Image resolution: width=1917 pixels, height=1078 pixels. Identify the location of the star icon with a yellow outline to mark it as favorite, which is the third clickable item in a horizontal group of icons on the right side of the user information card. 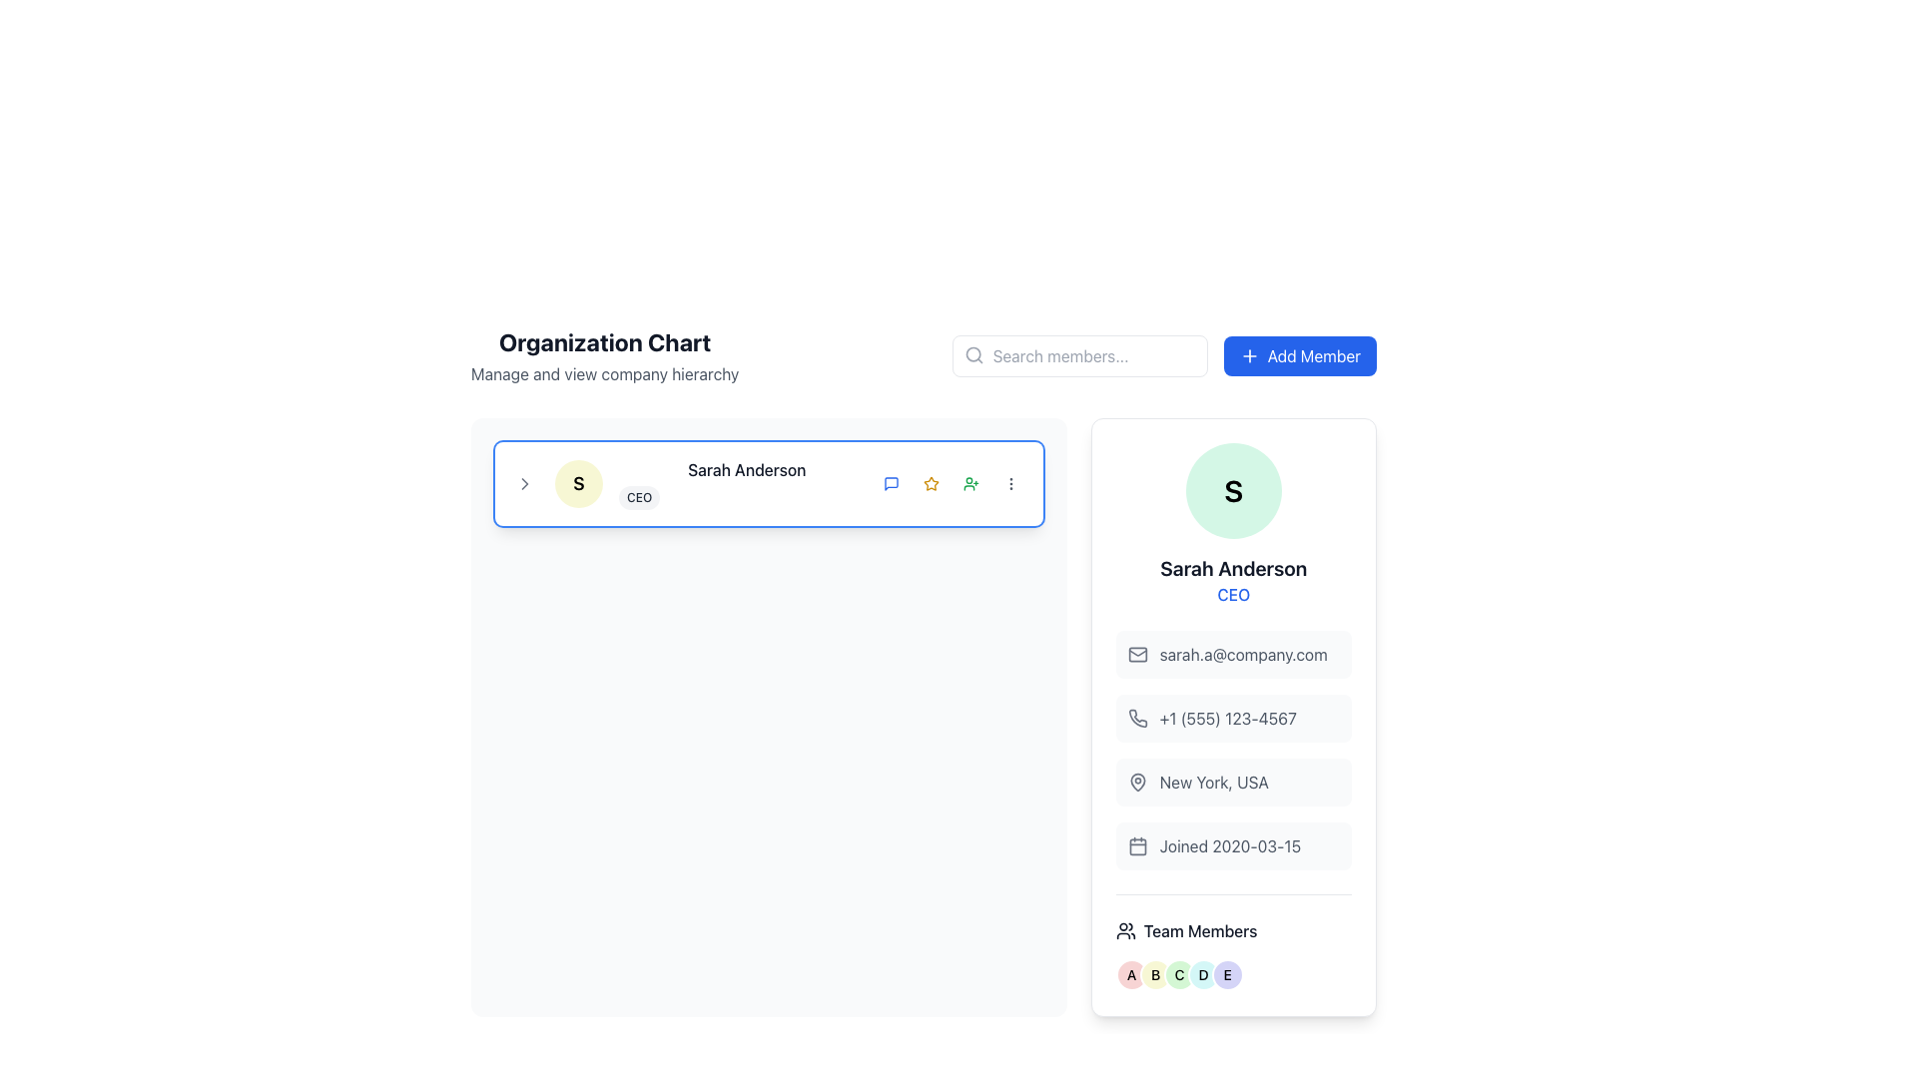
(930, 484).